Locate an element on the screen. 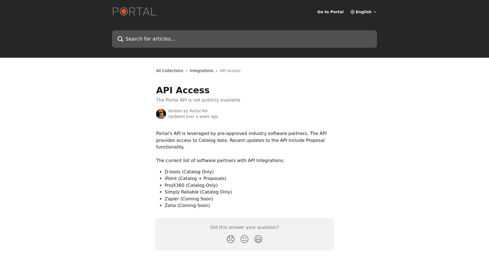  'Portal's API is leveraged by pre-approved industry software partners. The API provides access to Catalog data. Recent updates to the API include Proposal functionality.' is located at coordinates (242, 140).